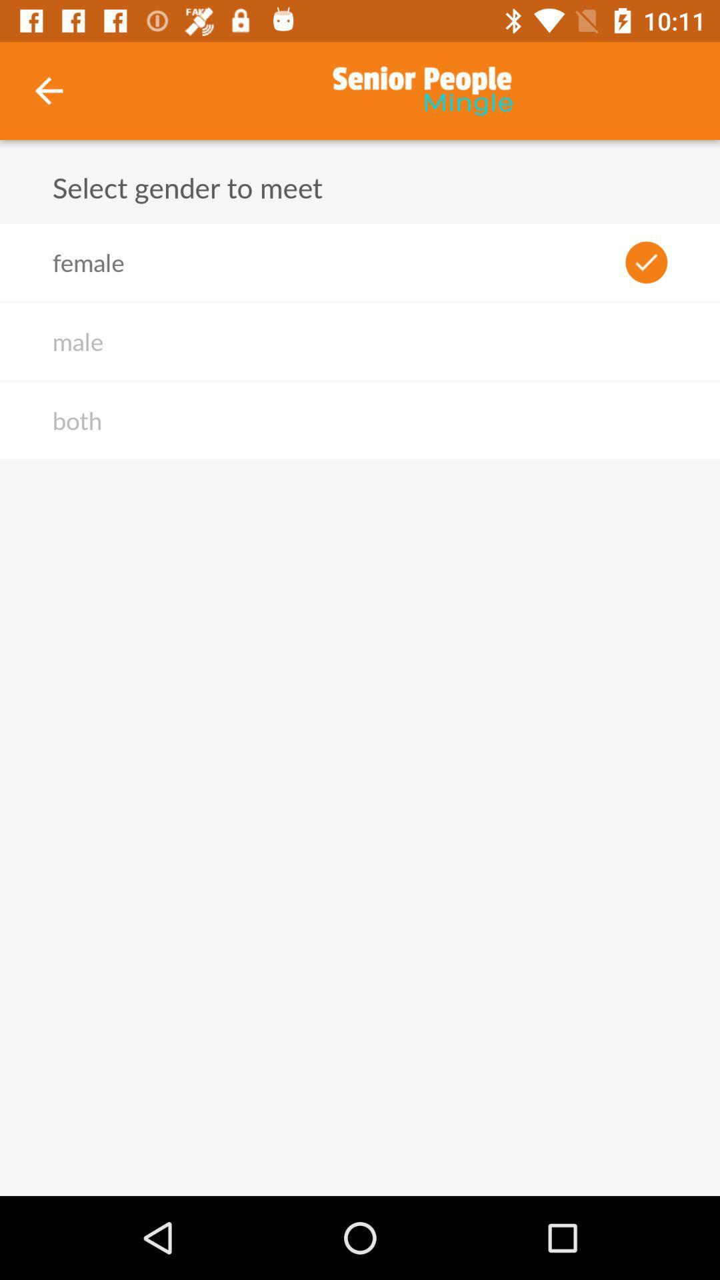 Image resolution: width=720 pixels, height=1280 pixels. What do you see at coordinates (645, 262) in the screenshot?
I see `icon at the top right corner` at bounding box center [645, 262].